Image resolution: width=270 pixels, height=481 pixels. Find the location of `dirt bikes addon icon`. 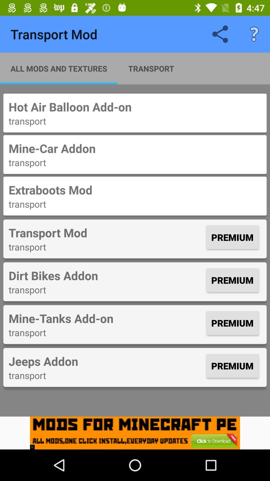

dirt bikes addon icon is located at coordinates (106, 275).